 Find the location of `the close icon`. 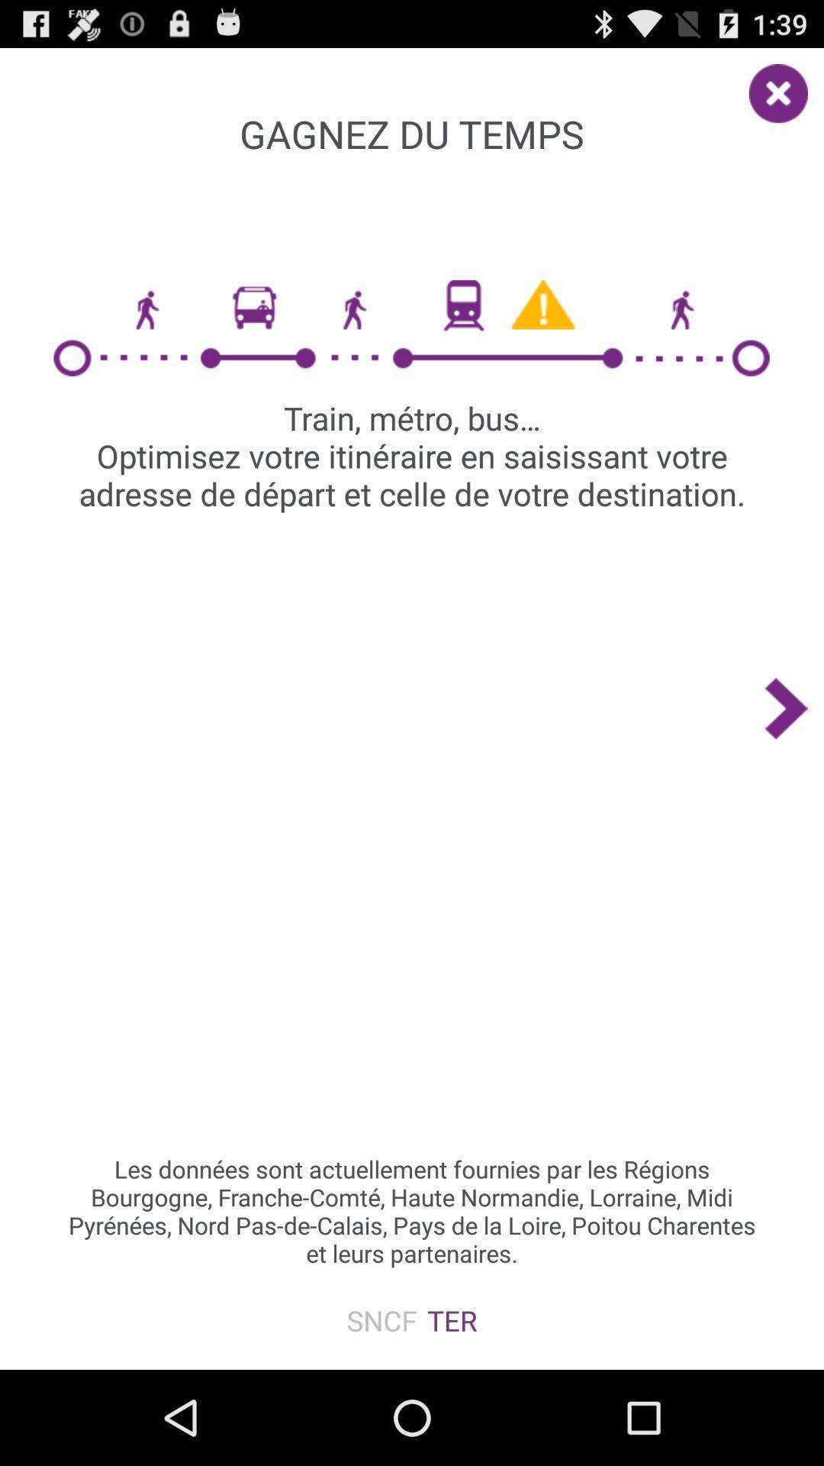

the close icon is located at coordinates (786, 91).